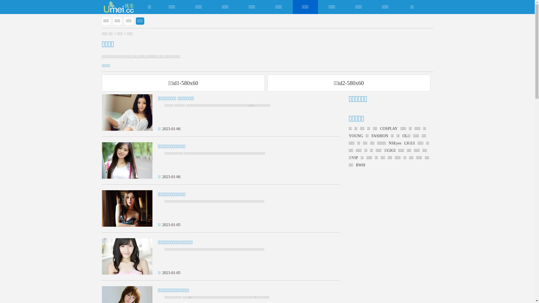  Describe the element at coordinates (396, 143) in the screenshot. I see `'NSEyes'` at that location.